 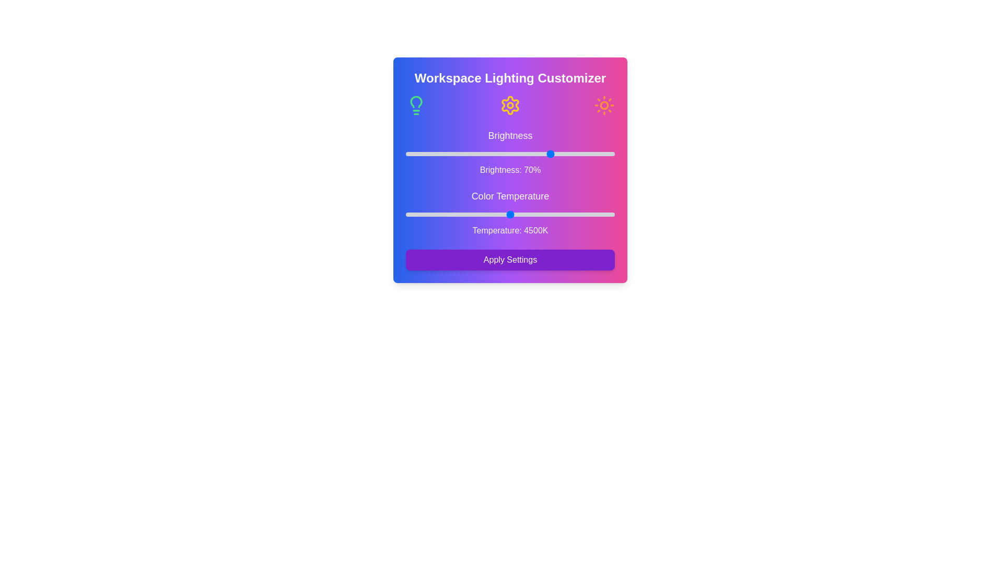 I want to click on the color temperature slider to 3511 K, so click(x=459, y=214).